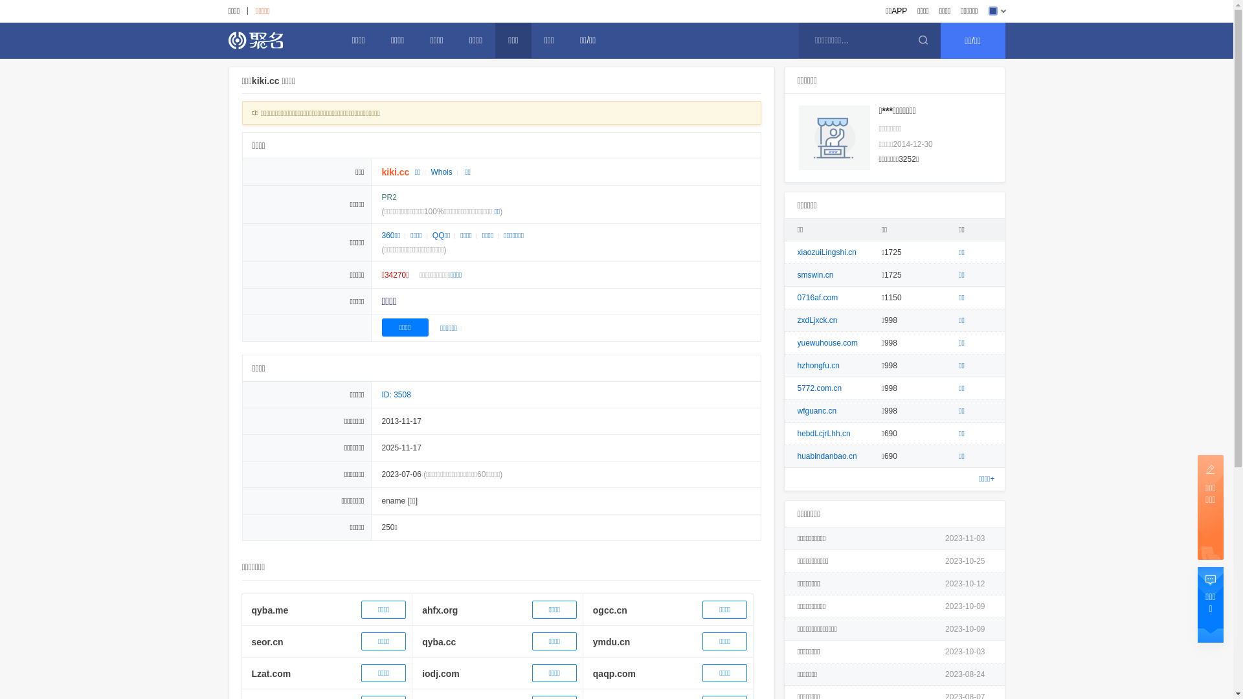 Image resolution: width=1243 pixels, height=699 pixels. Describe the element at coordinates (823, 434) in the screenshot. I see `'hebdLcjrLhh.cn'` at that location.